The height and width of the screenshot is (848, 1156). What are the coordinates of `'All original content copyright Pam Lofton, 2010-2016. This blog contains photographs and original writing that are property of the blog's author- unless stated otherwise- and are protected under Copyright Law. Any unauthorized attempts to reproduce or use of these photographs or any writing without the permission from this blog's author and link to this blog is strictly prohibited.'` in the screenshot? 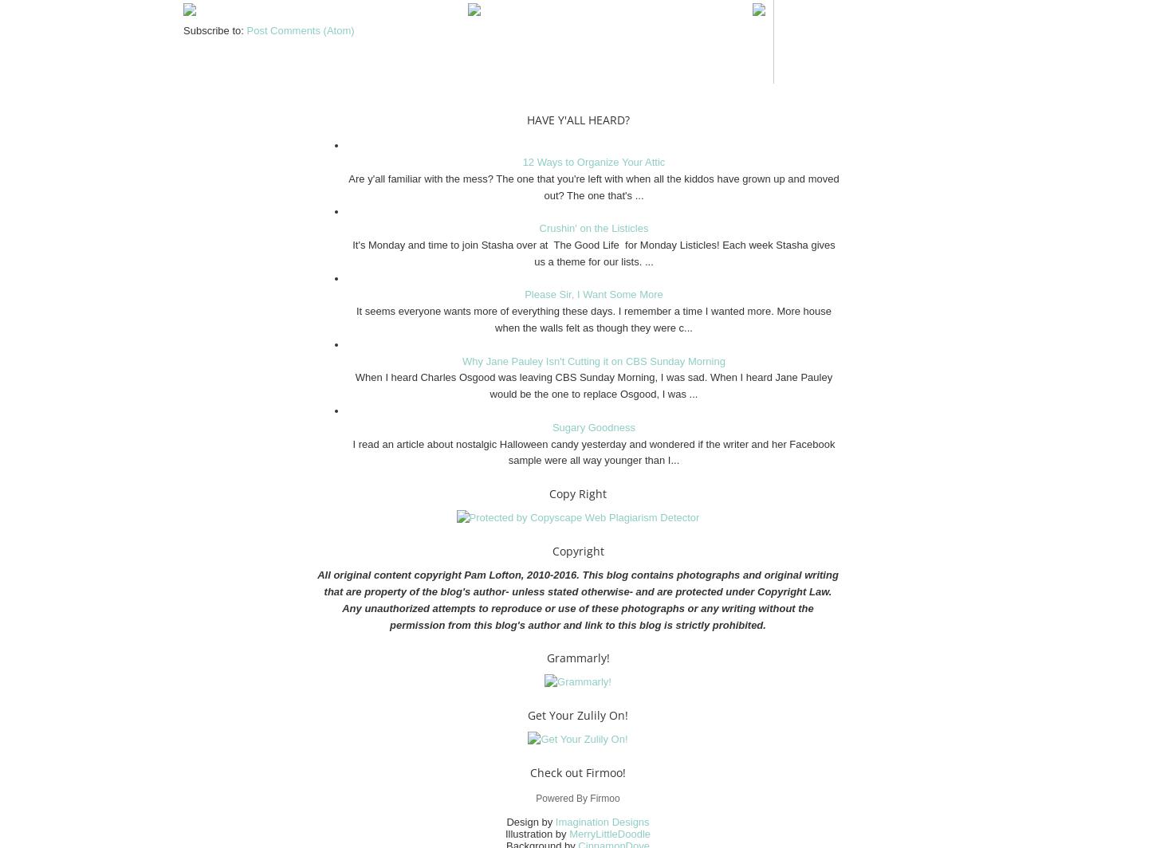 It's located at (576, 599).